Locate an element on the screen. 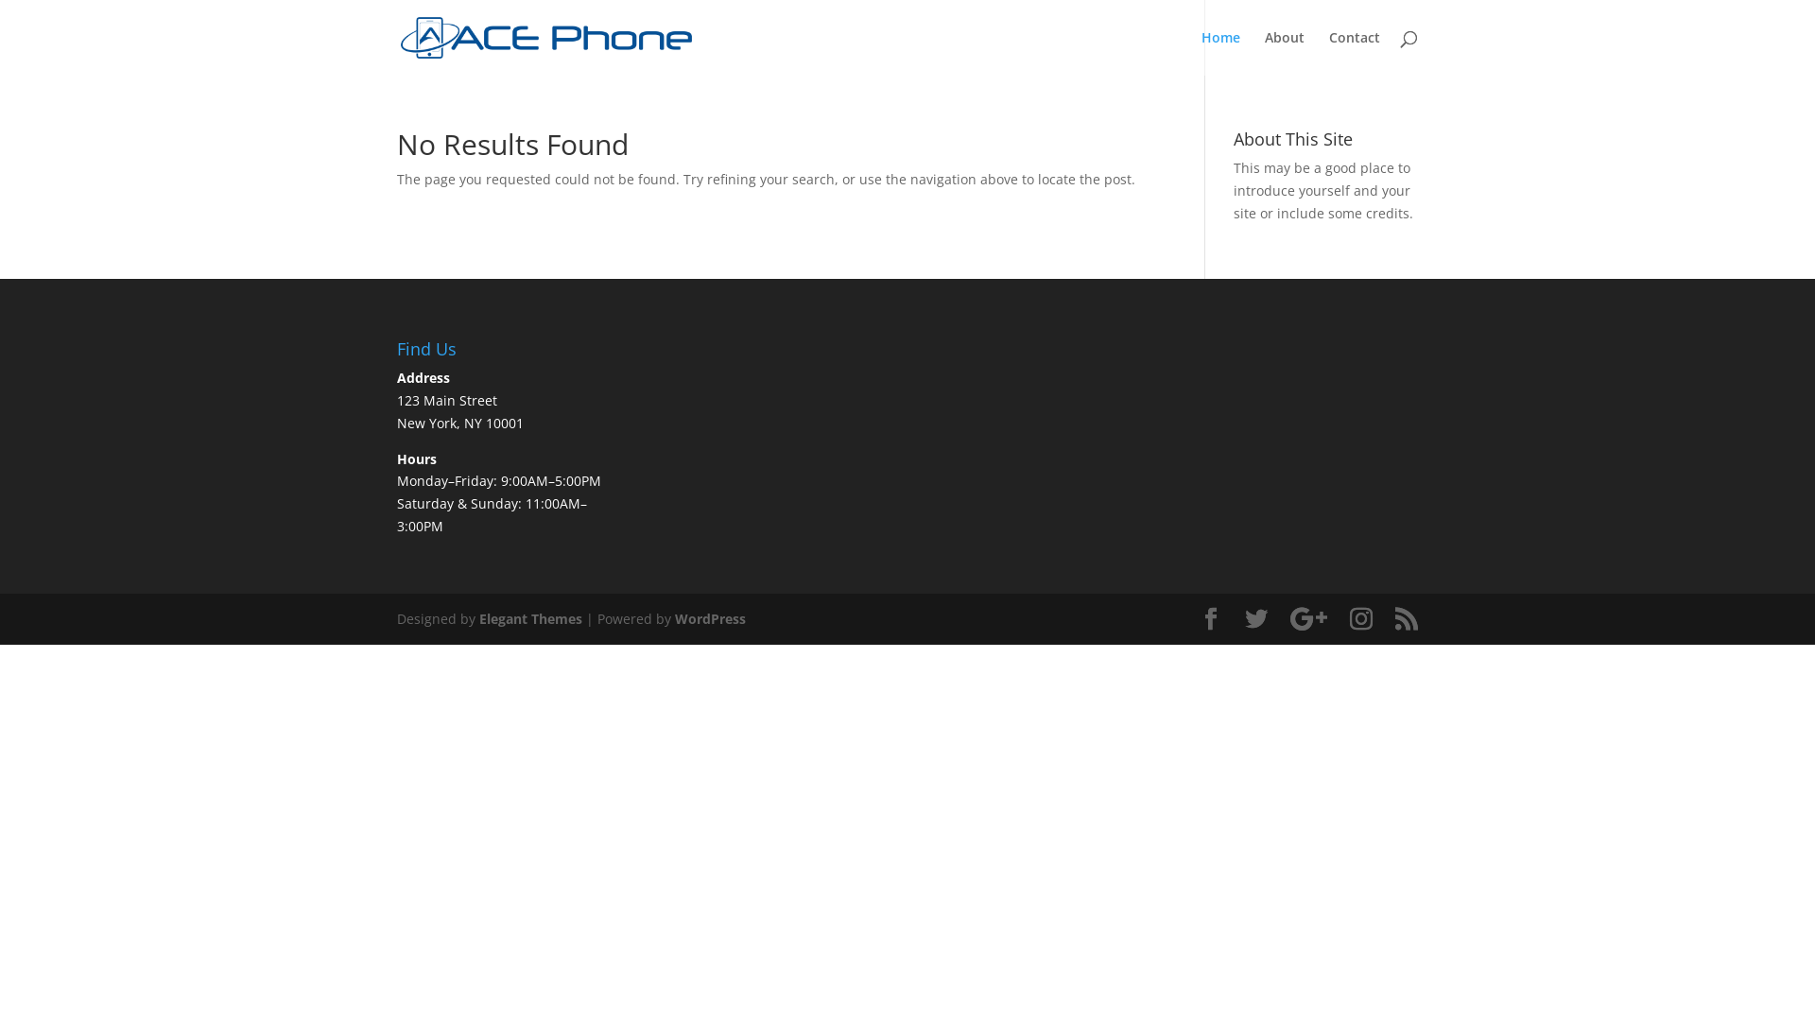  'Contact' is located at coordinates (1328, 52).